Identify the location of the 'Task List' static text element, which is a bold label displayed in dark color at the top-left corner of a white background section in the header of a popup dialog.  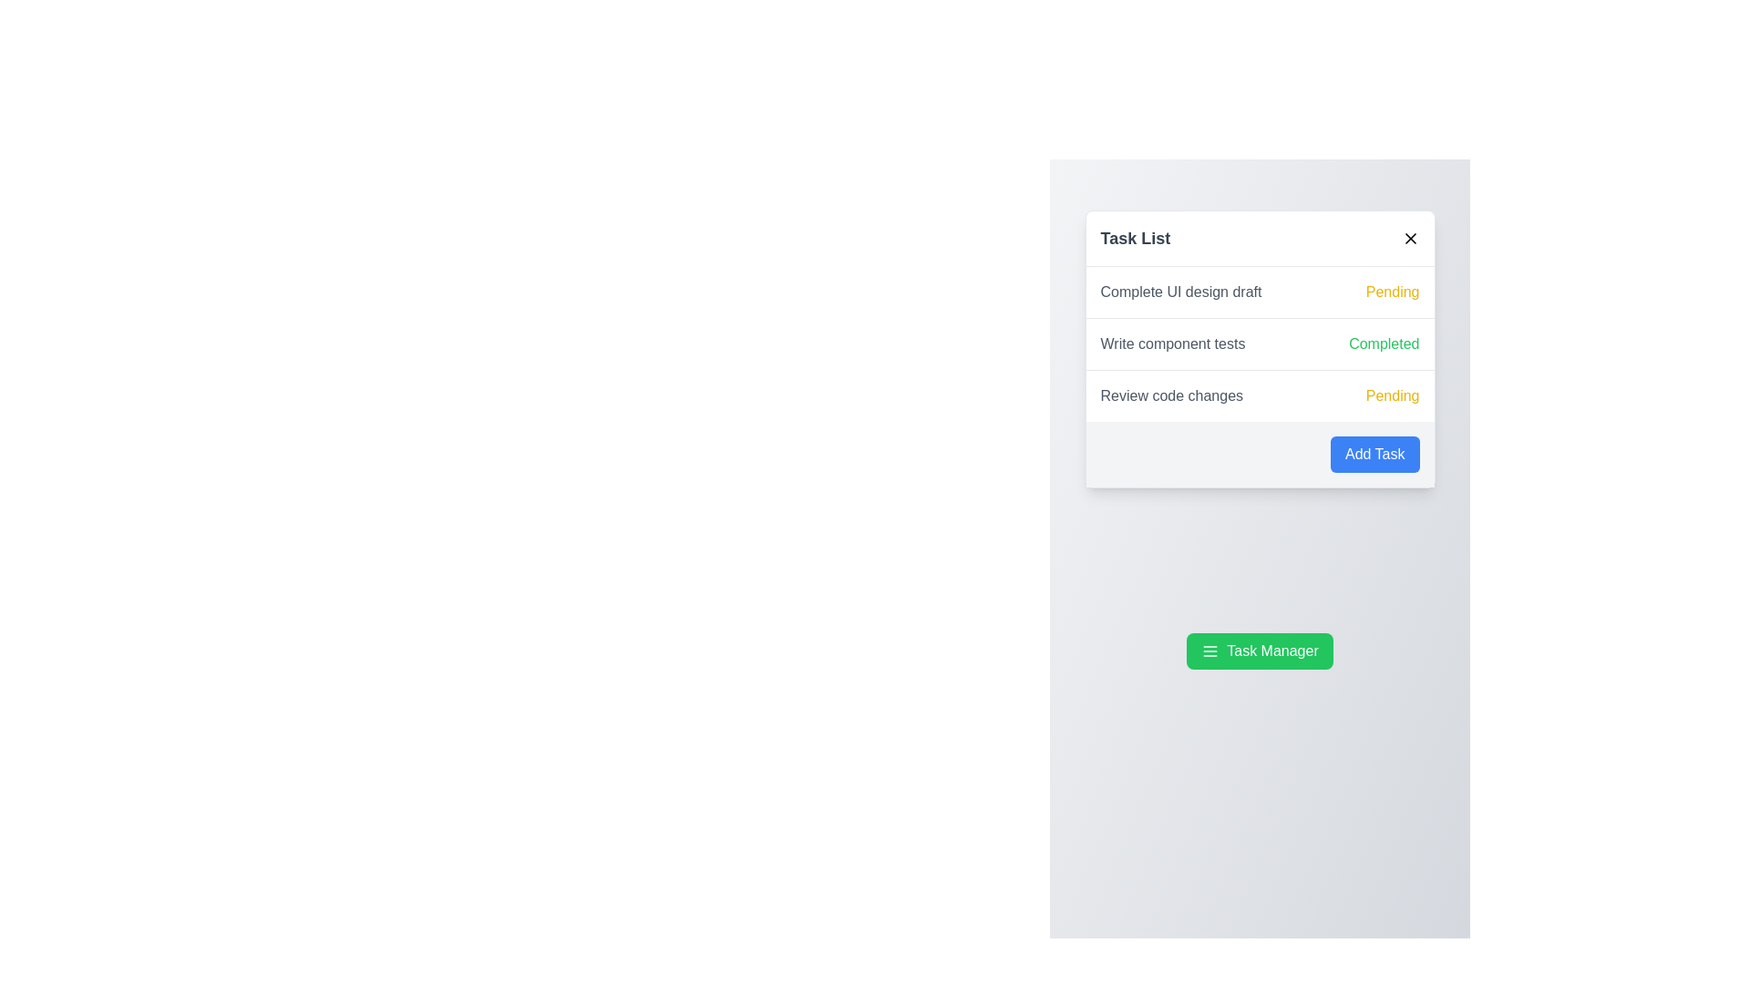
(1134, 238).